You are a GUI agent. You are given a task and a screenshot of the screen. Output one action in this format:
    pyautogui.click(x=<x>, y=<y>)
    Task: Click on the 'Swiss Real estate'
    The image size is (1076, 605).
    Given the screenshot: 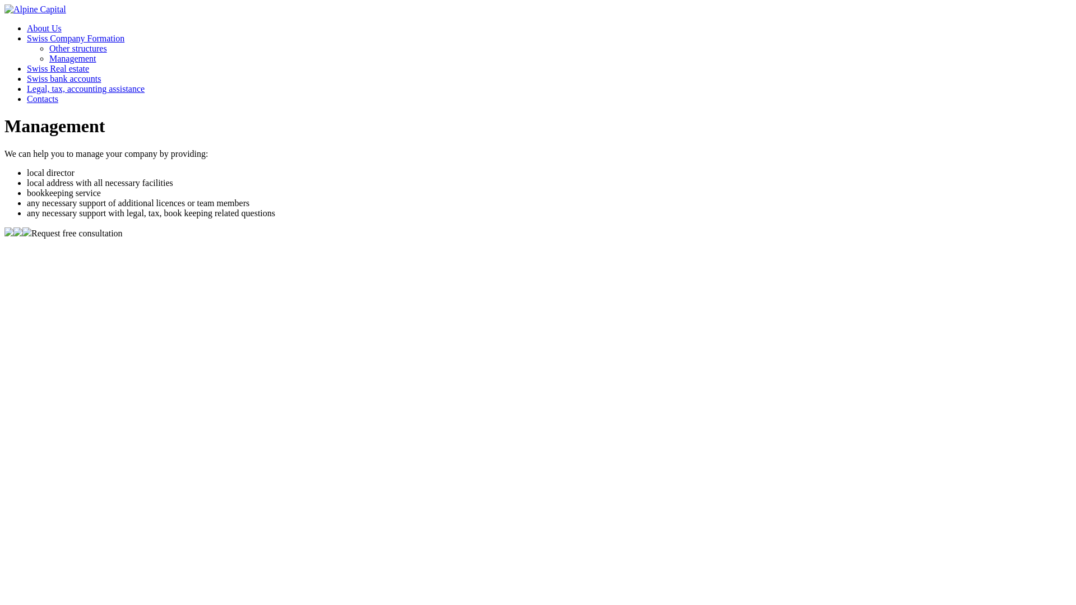 What is the action you would take?
    pyautogui.click(x=57, y=68)
    